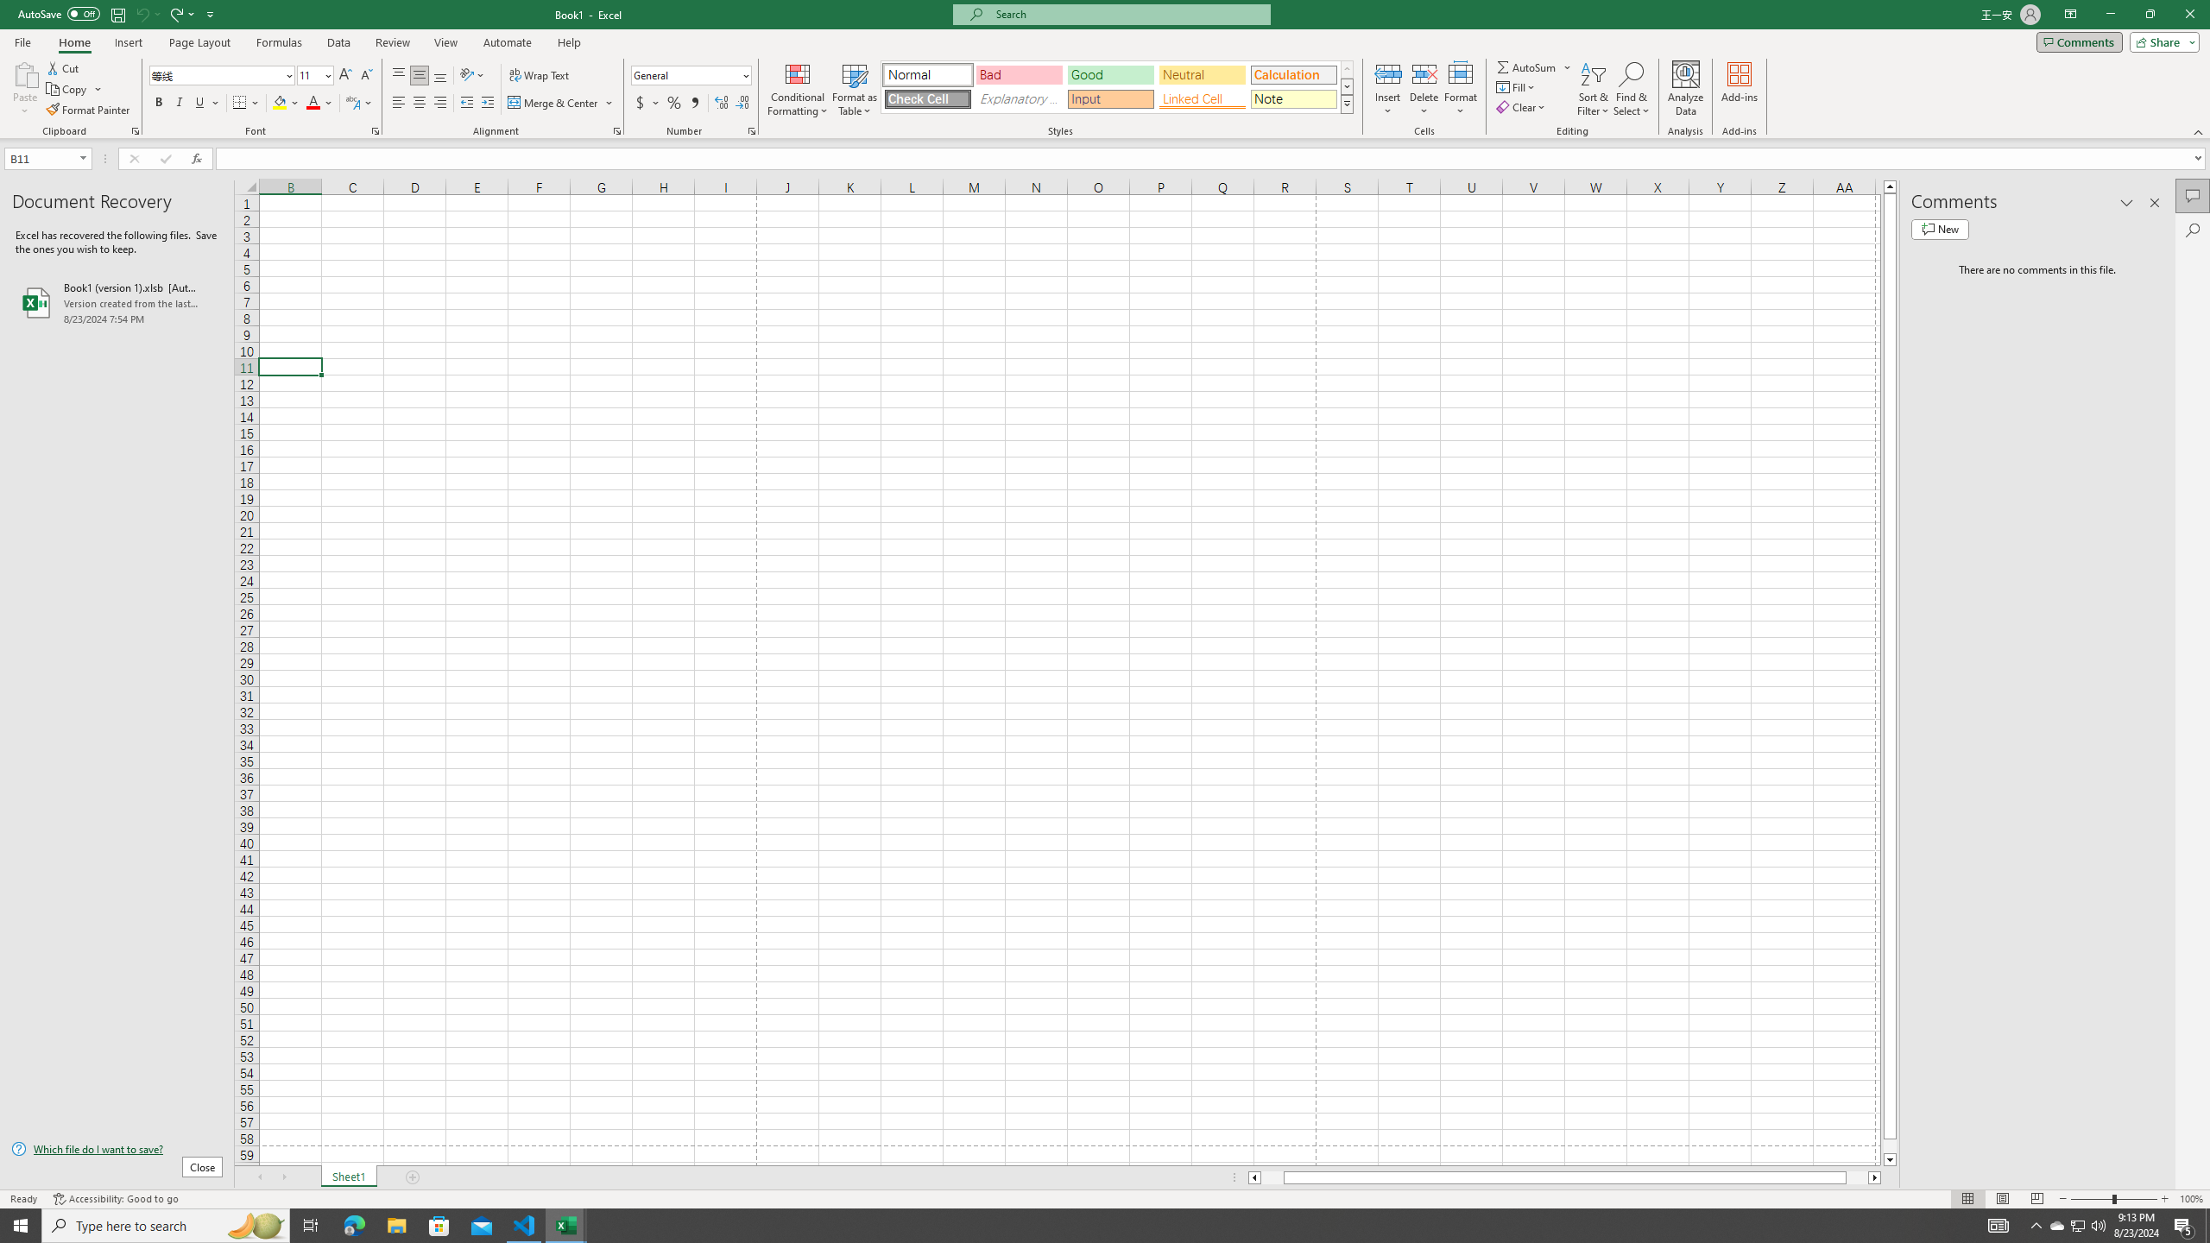 The height and width of the screenshot is (1243, 2210). I want to click on 'Good', so click(1109, 75).